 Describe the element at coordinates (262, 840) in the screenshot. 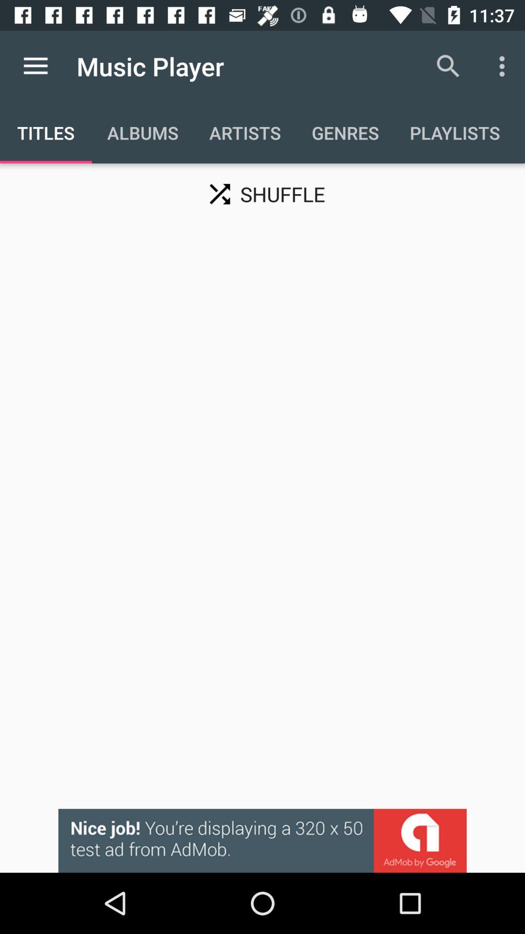

I see `advertisement` at that location.